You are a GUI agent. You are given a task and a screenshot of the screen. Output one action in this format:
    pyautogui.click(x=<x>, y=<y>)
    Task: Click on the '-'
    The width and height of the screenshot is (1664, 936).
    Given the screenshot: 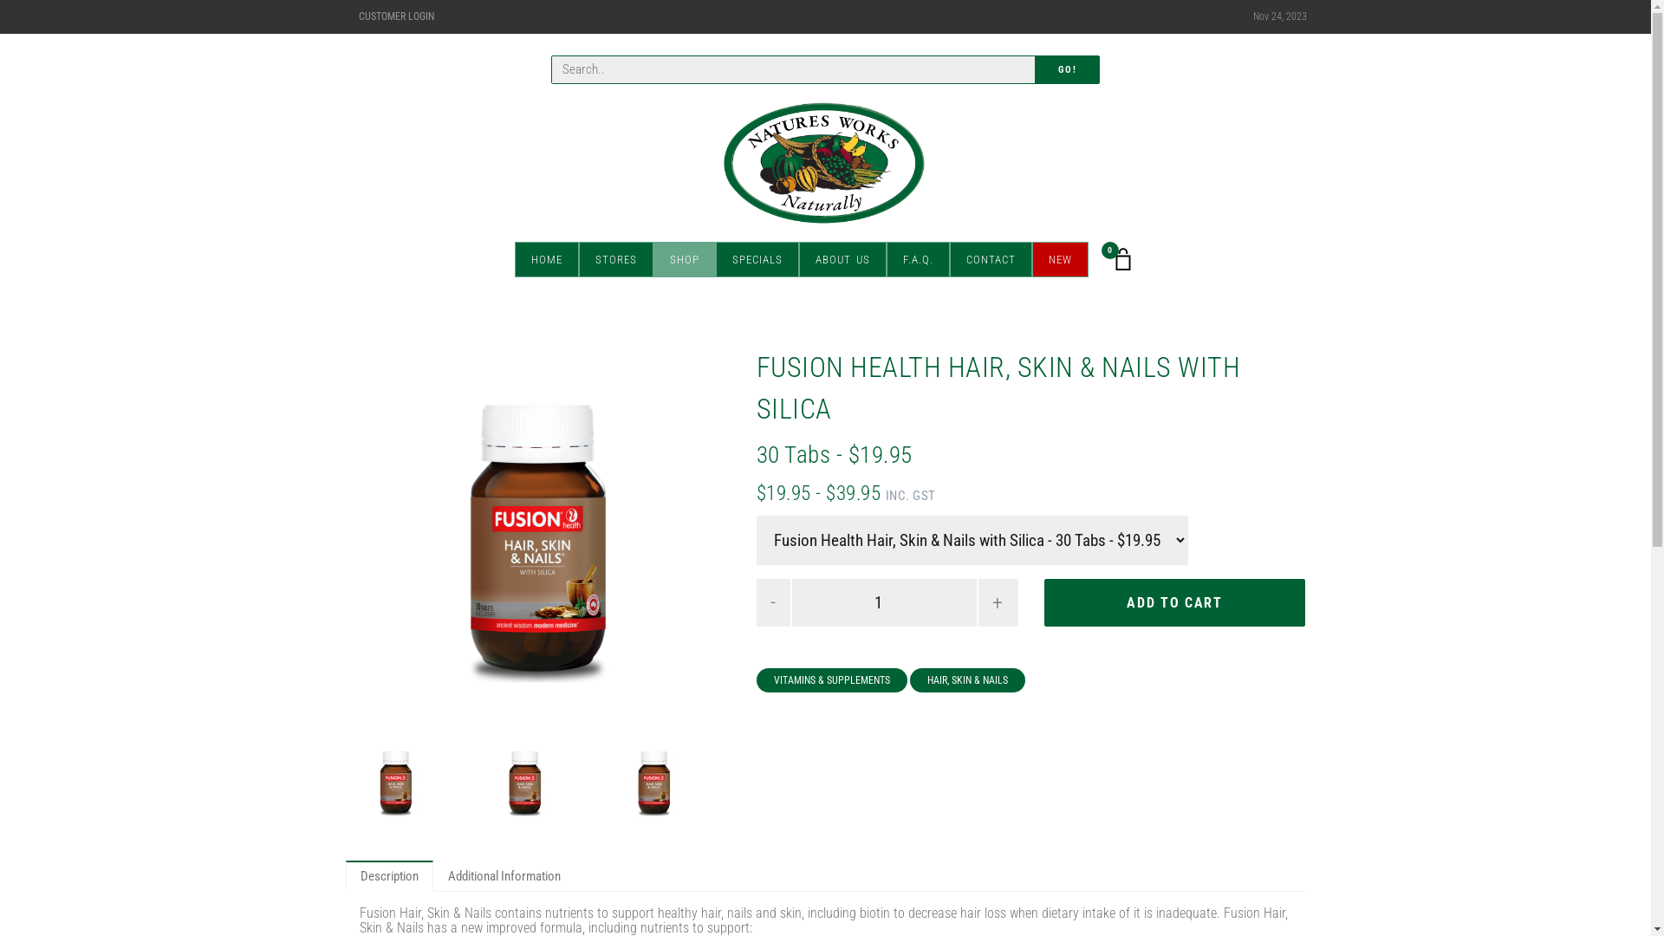 What is the action you would take?
    pyautogui.click(x=772, y=601)
    